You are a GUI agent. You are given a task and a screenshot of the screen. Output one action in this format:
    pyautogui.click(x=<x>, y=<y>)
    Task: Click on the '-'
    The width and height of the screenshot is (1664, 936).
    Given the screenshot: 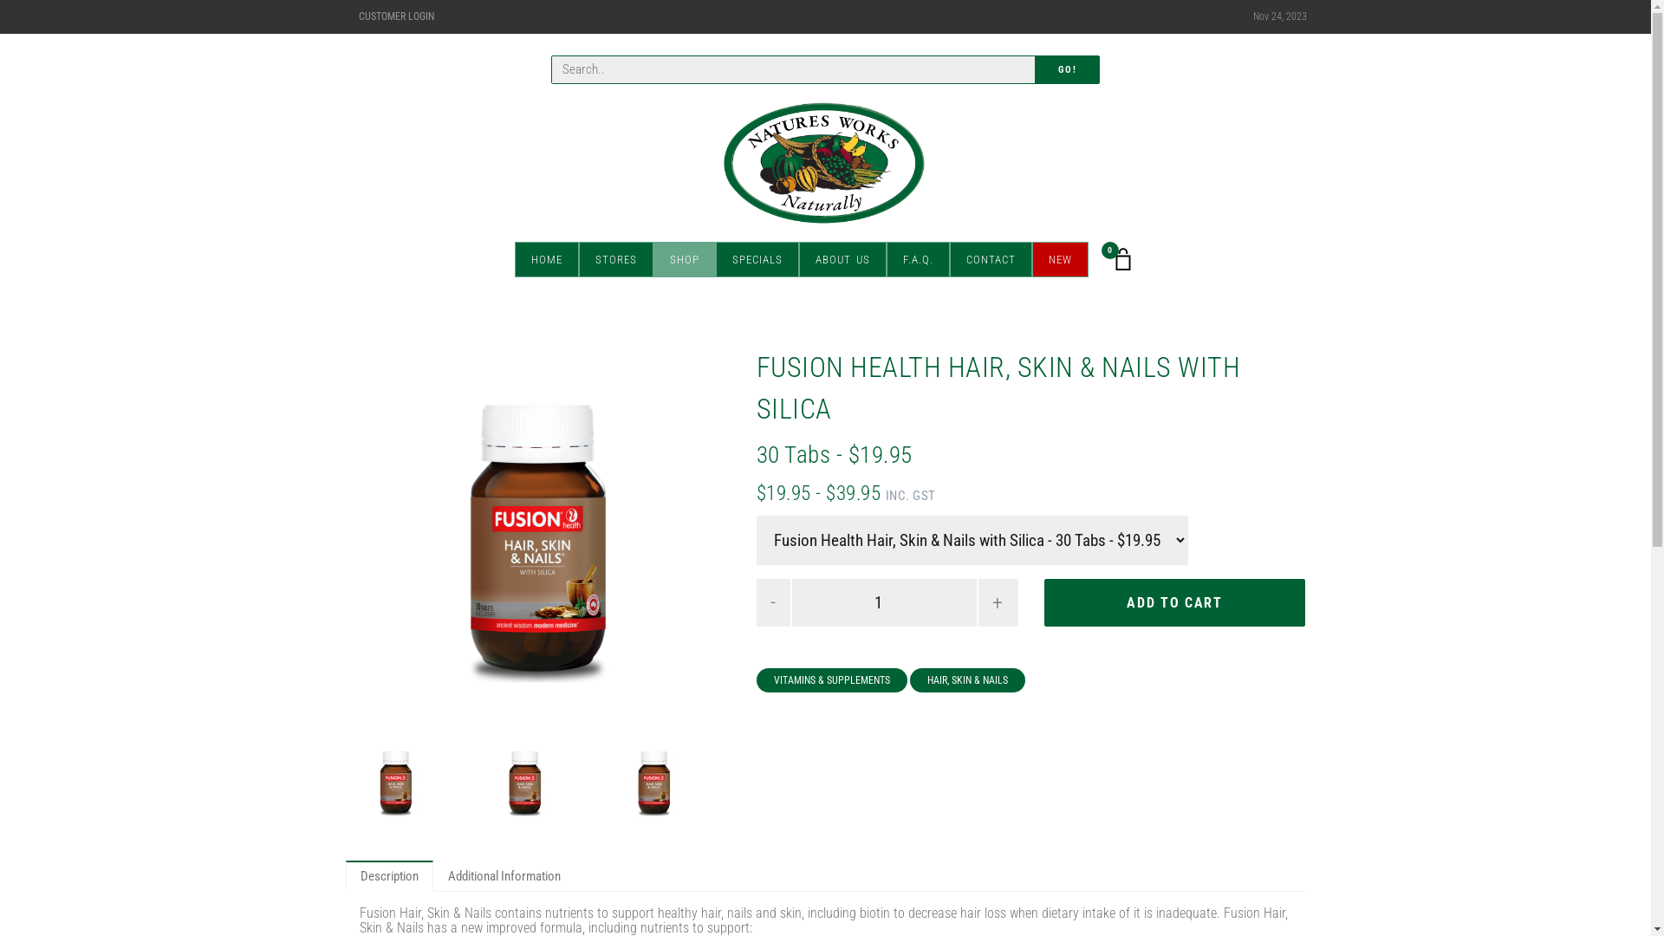 What is the action you would take?
    pyautogui.click(x=772, y=601)
    